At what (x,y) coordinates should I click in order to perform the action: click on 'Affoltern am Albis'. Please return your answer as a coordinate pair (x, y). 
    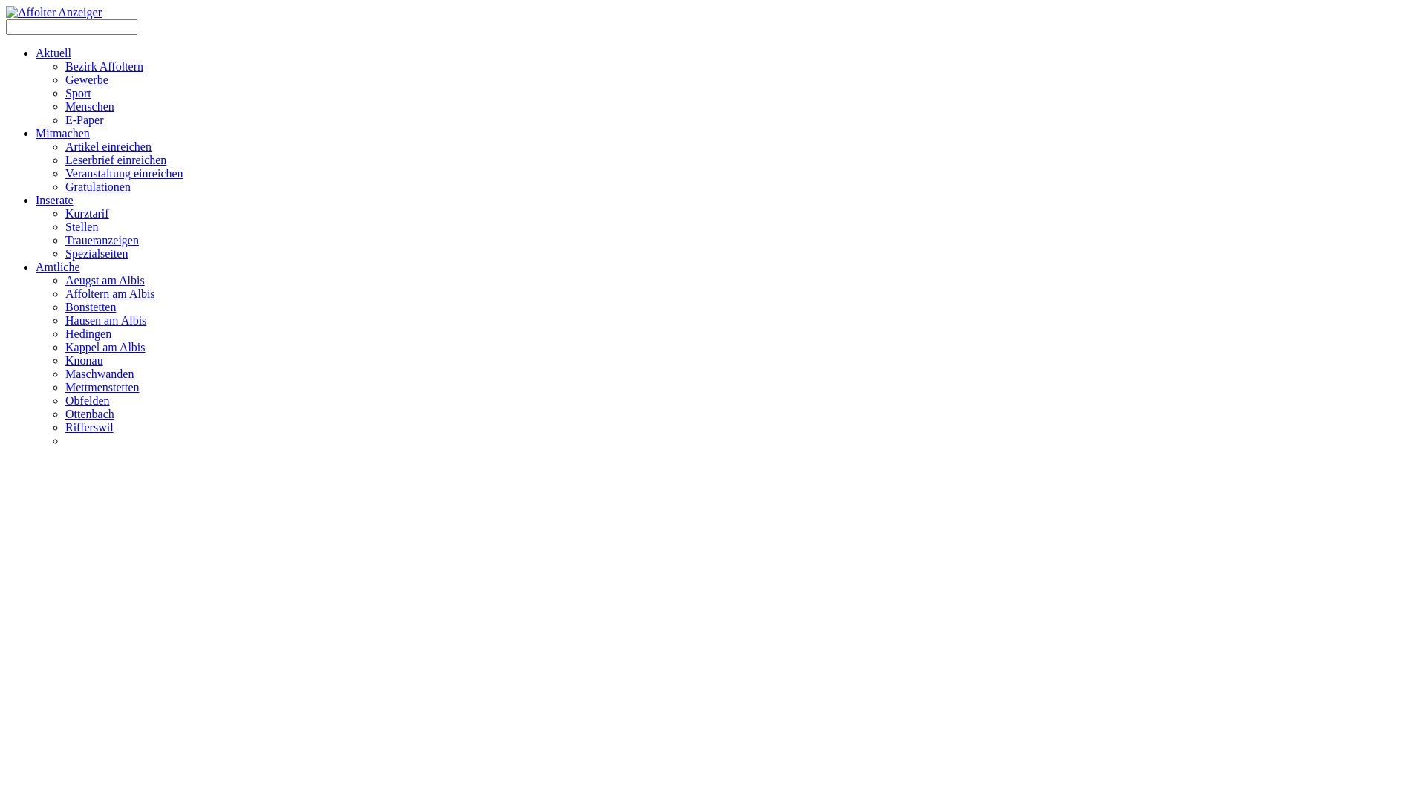
    Looking at the image, I should click on (109, 293).